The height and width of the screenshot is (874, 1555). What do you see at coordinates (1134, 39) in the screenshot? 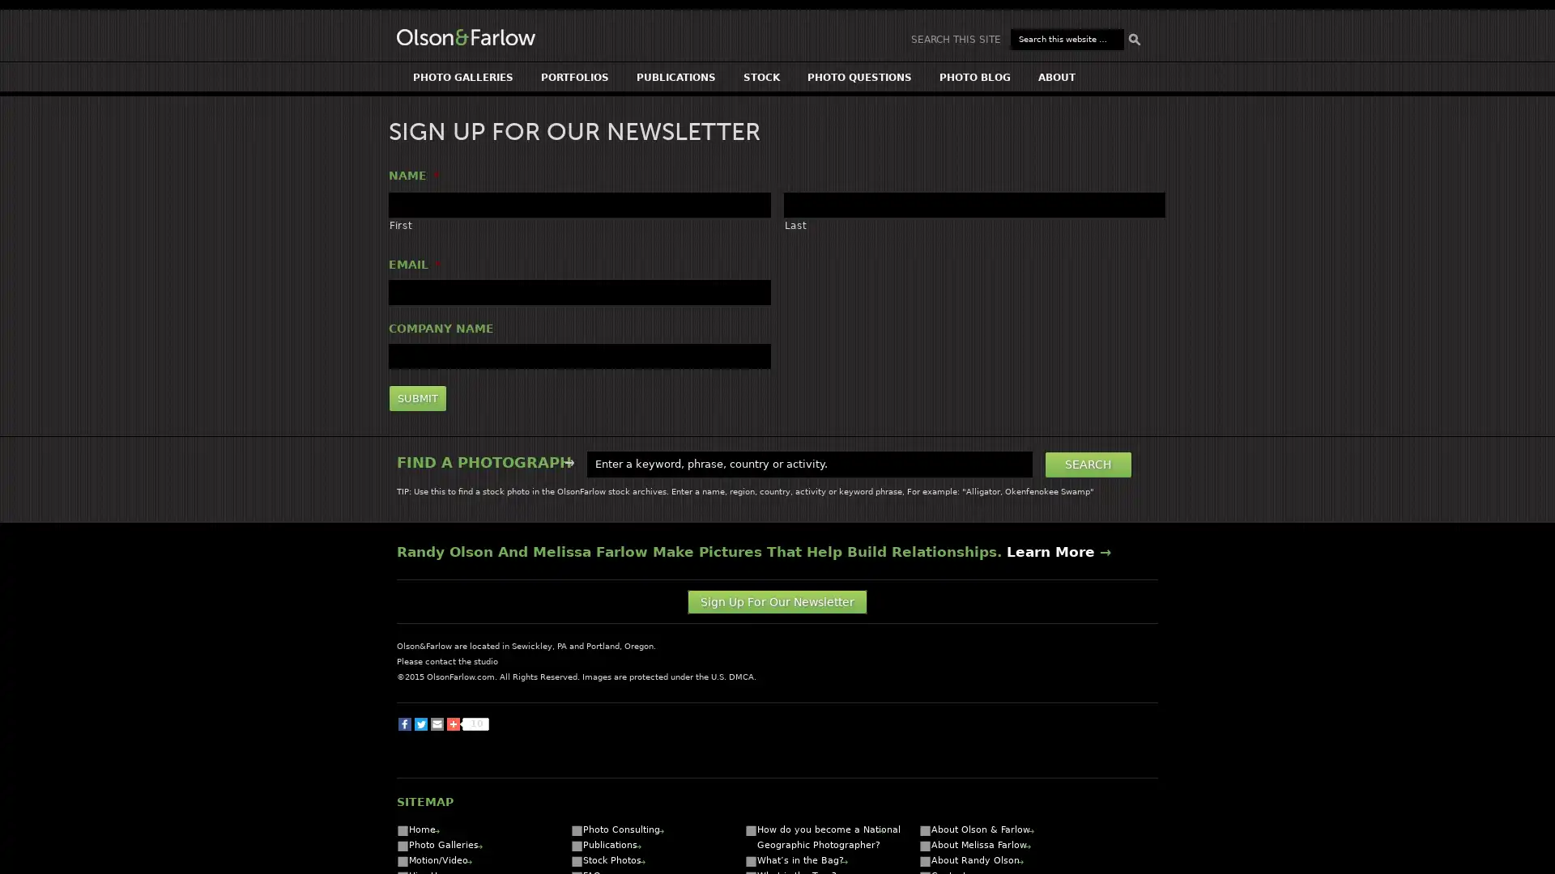
I see `Search` at bounding box center [1134, 39].